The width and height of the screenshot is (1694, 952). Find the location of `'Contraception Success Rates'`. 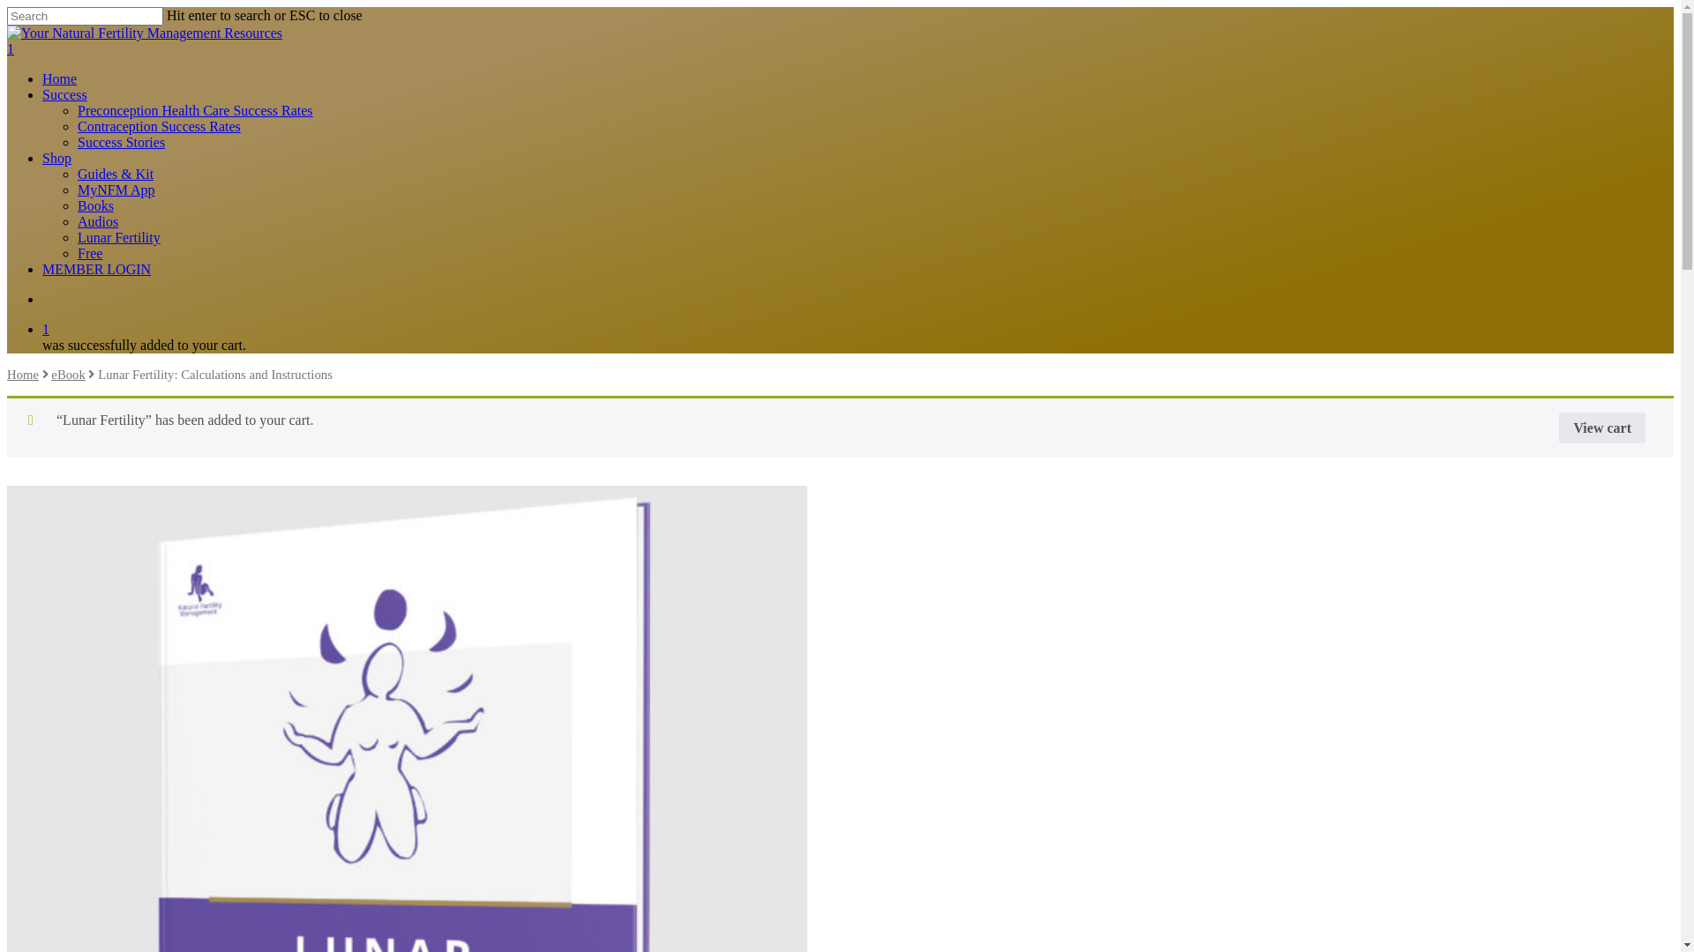

'Contraception Success Rates' is located at coordinates (159, 125).